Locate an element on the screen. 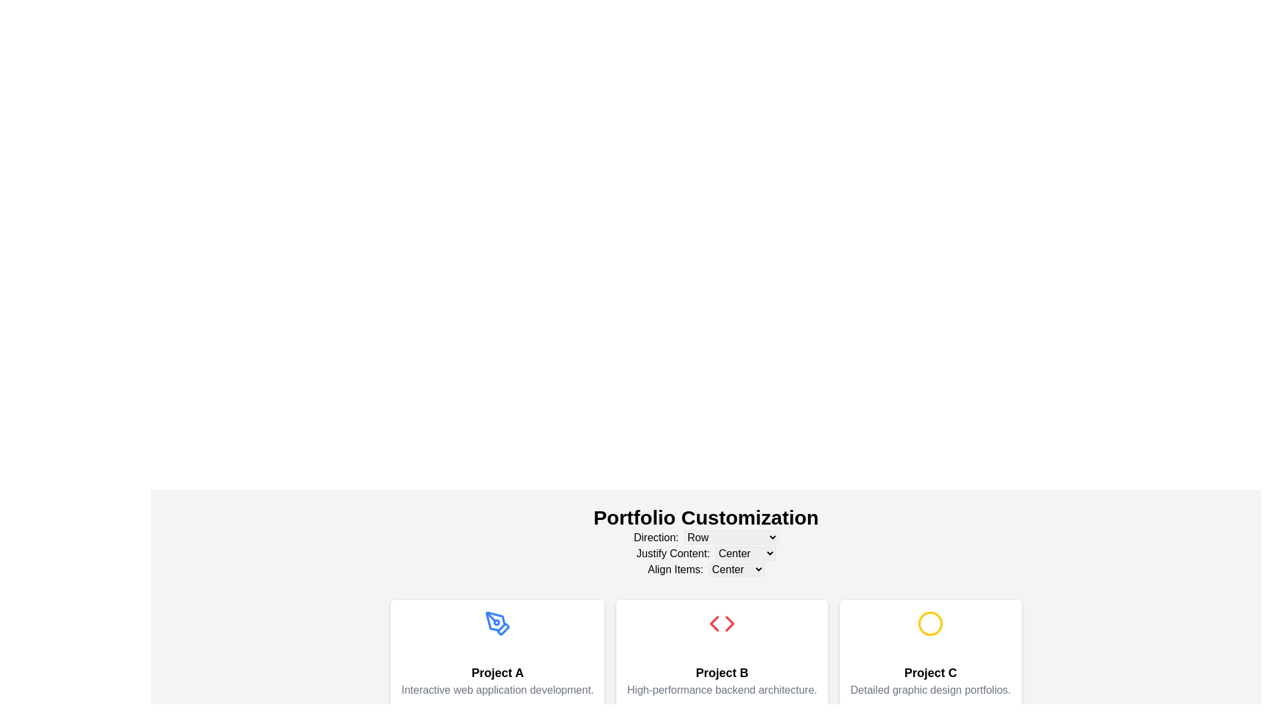 Image resolution: width=1278 pixels, height=719 pixels. the gray centered text that reads 'Interactive web application development.' located below the title 'Project A' in the lower section of the 'Project A' card is located at coordinates (497, 690).